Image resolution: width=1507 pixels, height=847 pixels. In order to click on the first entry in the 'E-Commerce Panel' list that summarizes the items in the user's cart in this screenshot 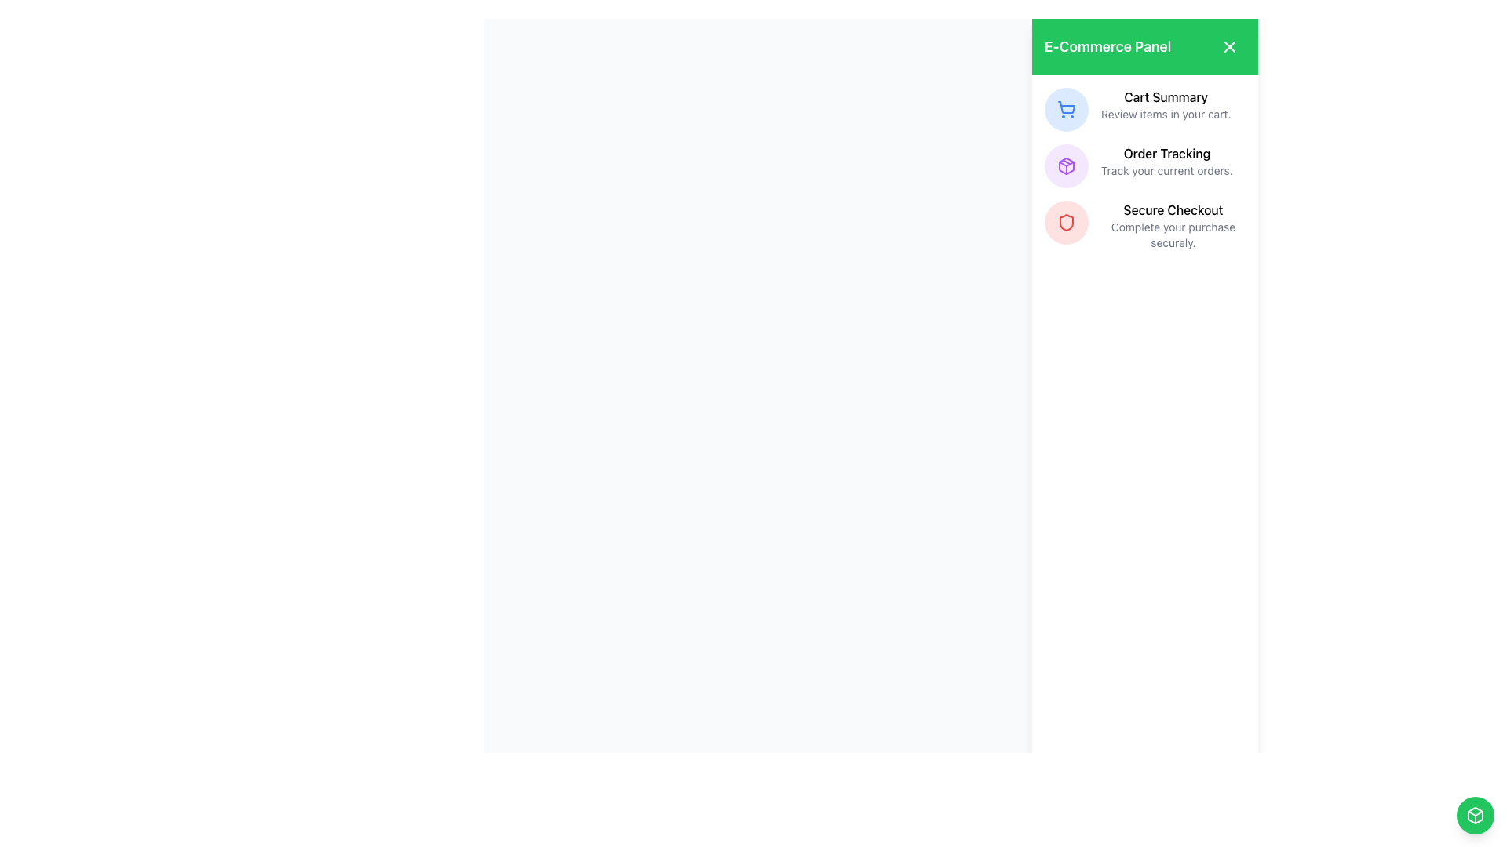, I will do `click(1145, 108)`.